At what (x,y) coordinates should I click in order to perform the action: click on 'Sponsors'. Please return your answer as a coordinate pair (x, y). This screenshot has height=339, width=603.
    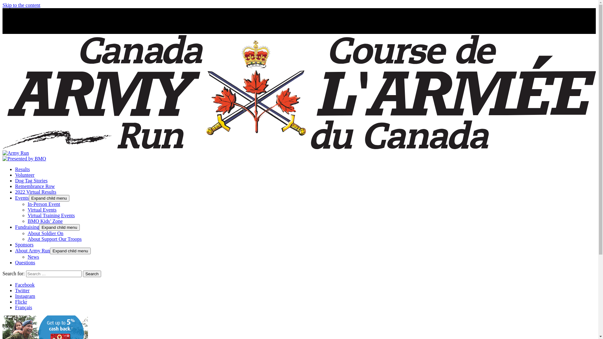
    Looking at the image, I should click on (24, 244).